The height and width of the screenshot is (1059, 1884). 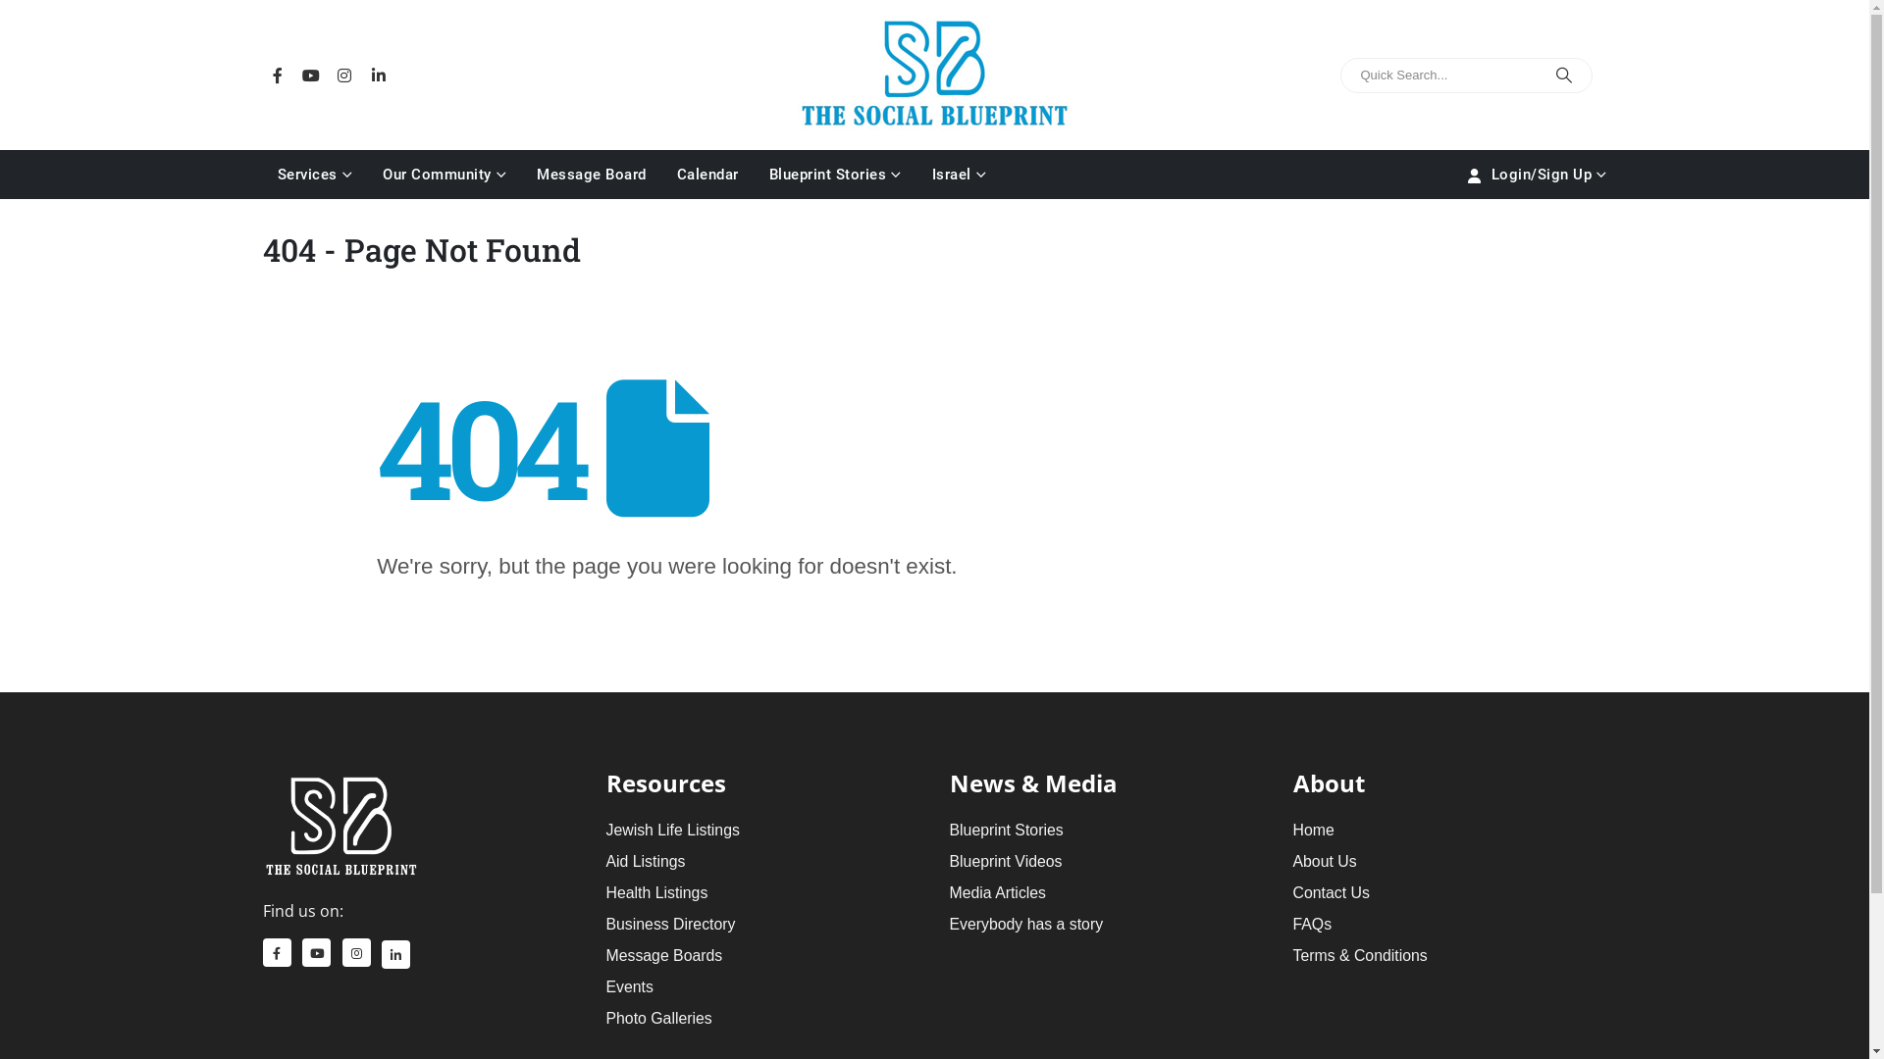 What do you see at coordinates (950, 860) in the screenshot?
I see `'Blueprint Videos'` at bounding box center [950, 860].